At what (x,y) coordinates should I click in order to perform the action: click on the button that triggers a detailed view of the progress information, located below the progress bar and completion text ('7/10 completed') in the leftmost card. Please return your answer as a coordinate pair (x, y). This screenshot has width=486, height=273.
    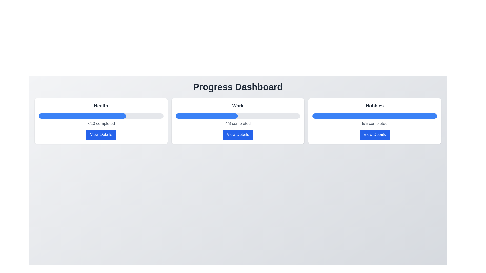
    Looking at the image, I should click on (101, 134).